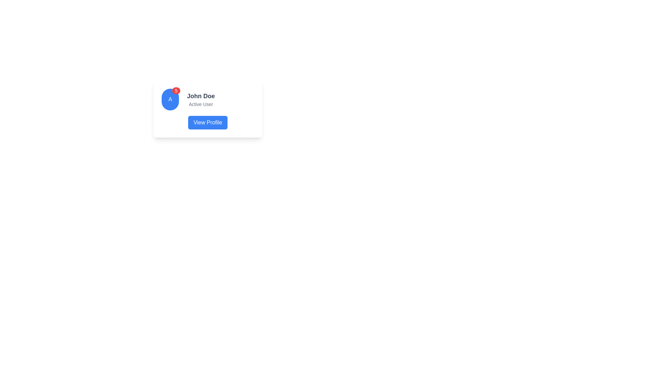 The image size is (652, 367). I want to click on the Text Label displaying the user or profile identification, located above the 'Active User' subtitle and to the right of the circular avatar image, so click(200, 96).